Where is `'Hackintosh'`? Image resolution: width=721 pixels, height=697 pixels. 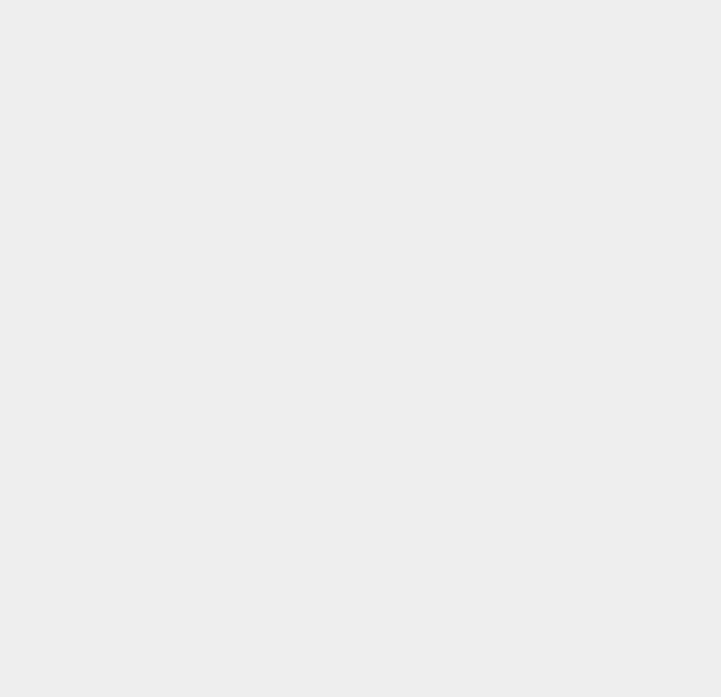 'Hackintosh' is located at coordinates (533, 37).